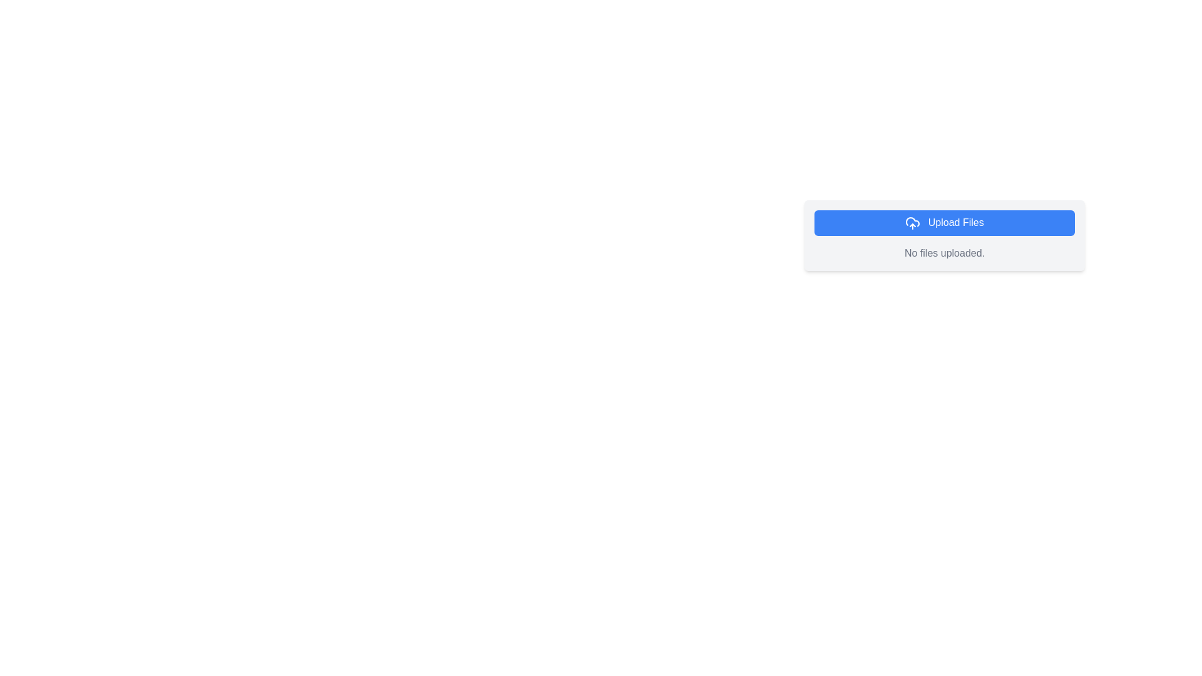 This screenshot has height=676, width=1202. I want to click on the curved outline of the cloud in the 'Upload Files' icon located within the blue button, so click(913, 221).